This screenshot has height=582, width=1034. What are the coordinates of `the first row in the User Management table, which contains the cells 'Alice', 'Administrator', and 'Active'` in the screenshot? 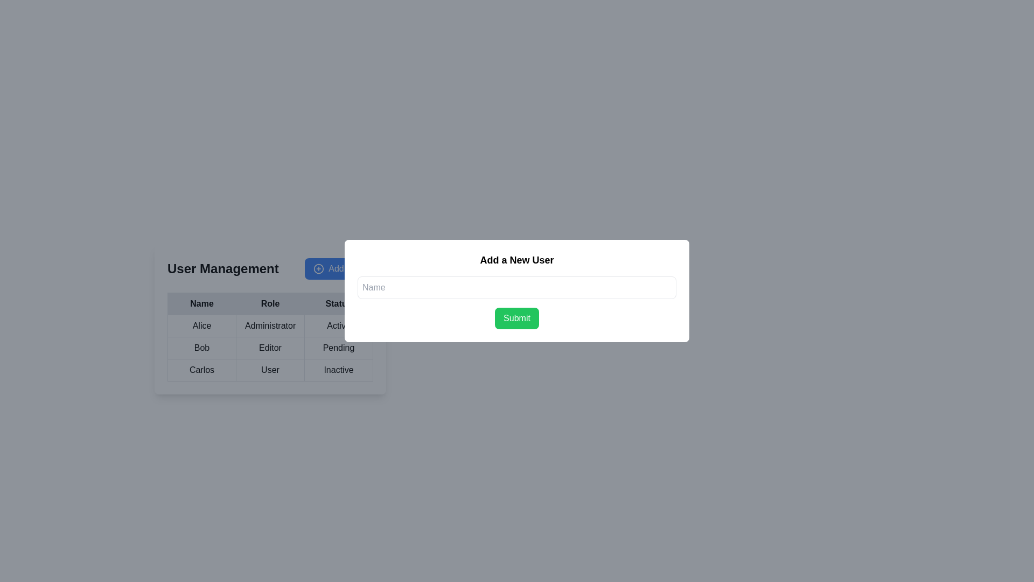 It's located at (270, 325).